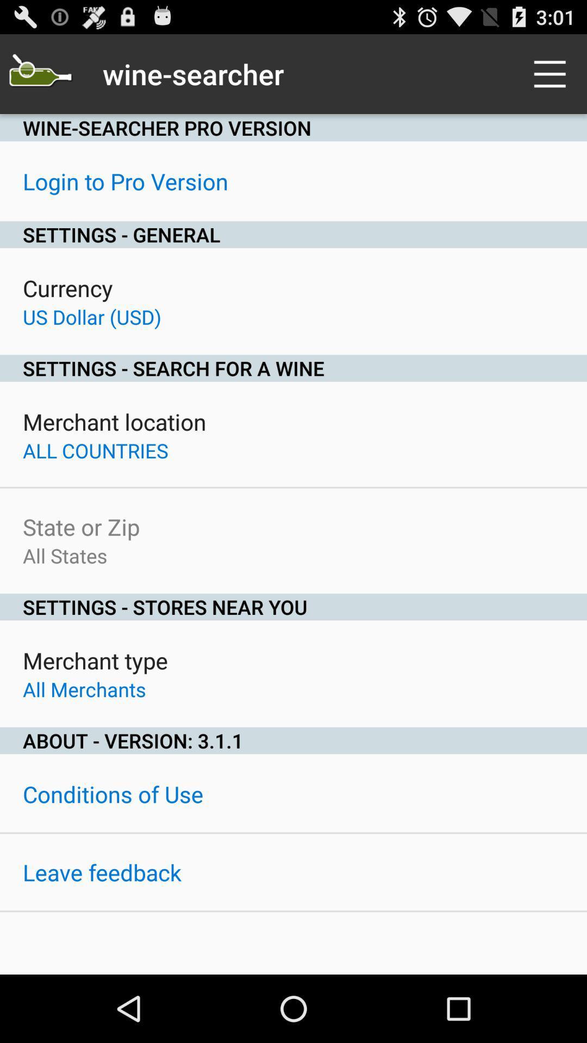 This screenshot has width=587, height=1043. Describe the element at coordinates (293, 740) in the screenshot. I see `the icon below all merchants item` at that location.